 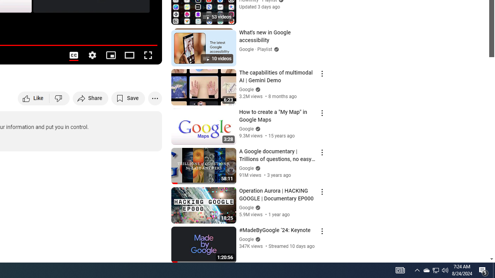 I want to click on 'Verified', so click(x=257, y=239).